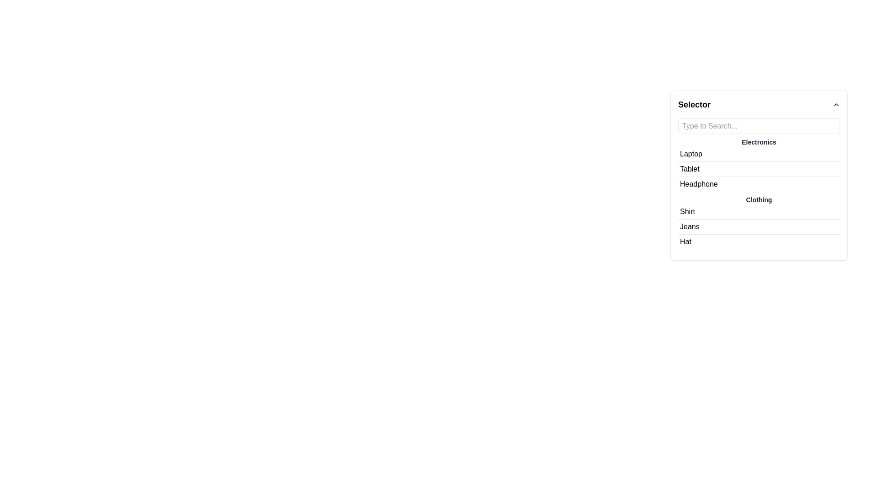 The image size is (878, 494). Describe the element at coordinates (759, 169) in the screenshot. I see `the 'Tablet' list item, which is the second item in the dropdown list under 'Electronics'` at that location.